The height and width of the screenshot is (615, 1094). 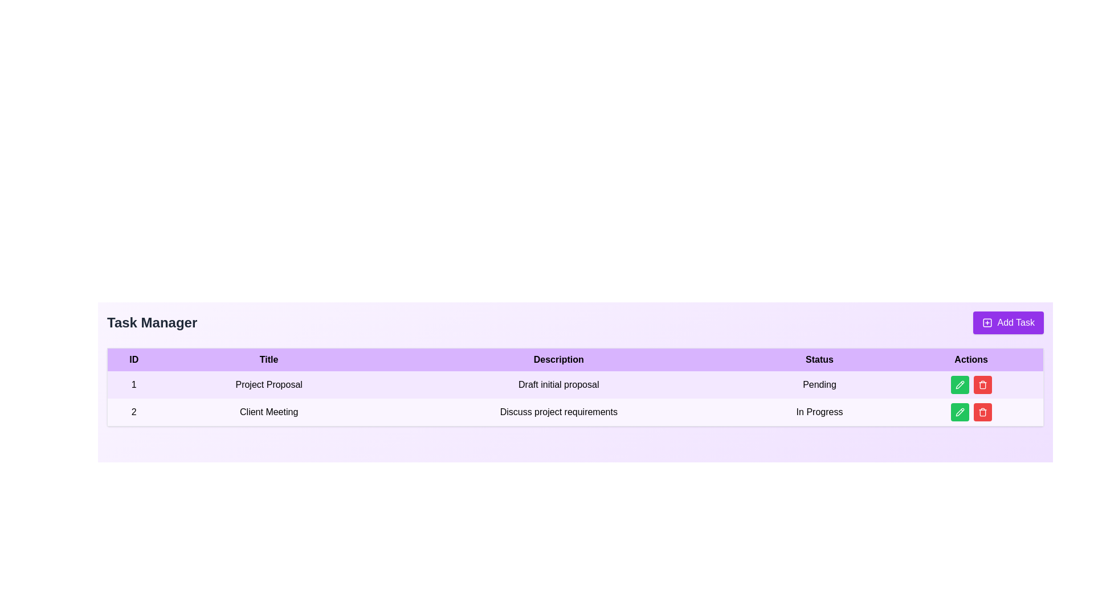 What do you see at coordinates (575, 384) in the screenshot?
I see `the first row of the task management table` at bounding box center [575, 384].